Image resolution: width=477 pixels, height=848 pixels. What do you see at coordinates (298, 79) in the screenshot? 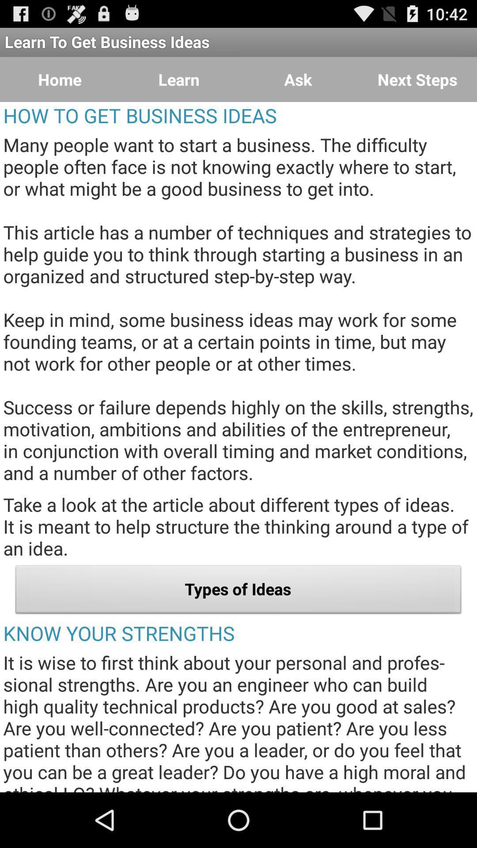
I see `the icon to the left of next steps icon` at bounding box center [298, 79].